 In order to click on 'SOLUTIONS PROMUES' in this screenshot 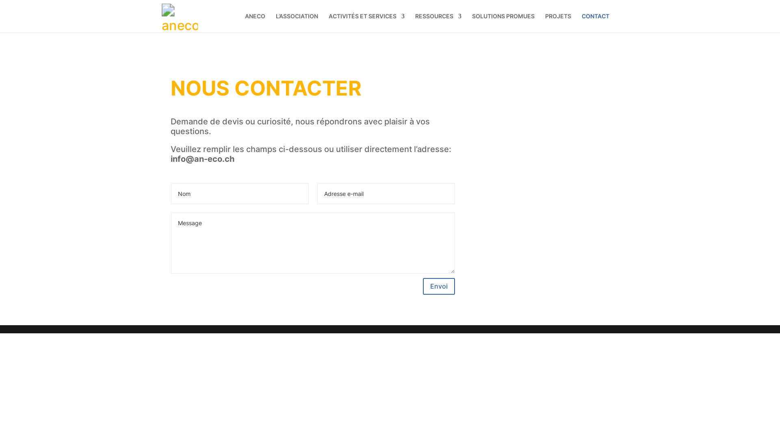, I will do `click(503, 22)`.